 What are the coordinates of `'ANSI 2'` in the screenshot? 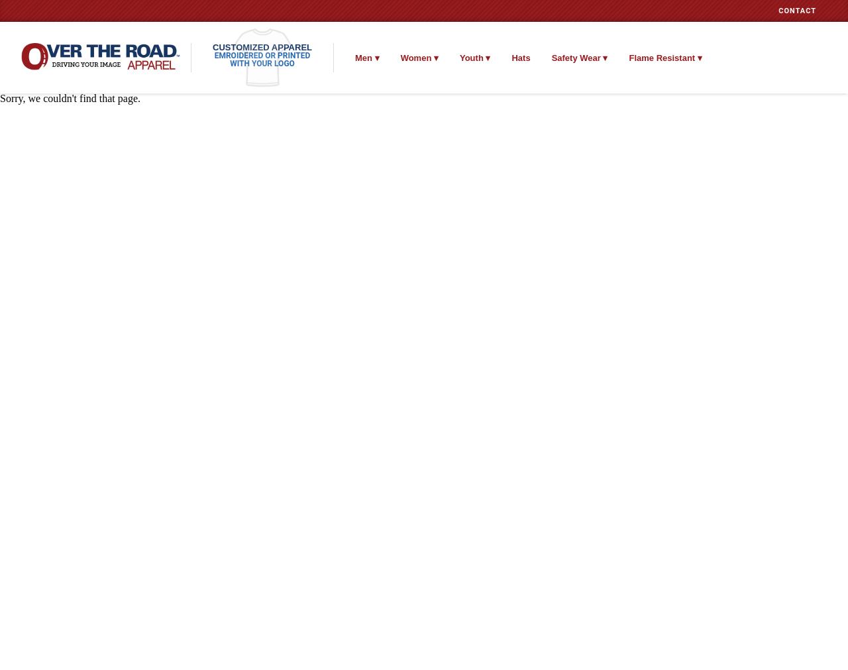 It's located at (566, 84).